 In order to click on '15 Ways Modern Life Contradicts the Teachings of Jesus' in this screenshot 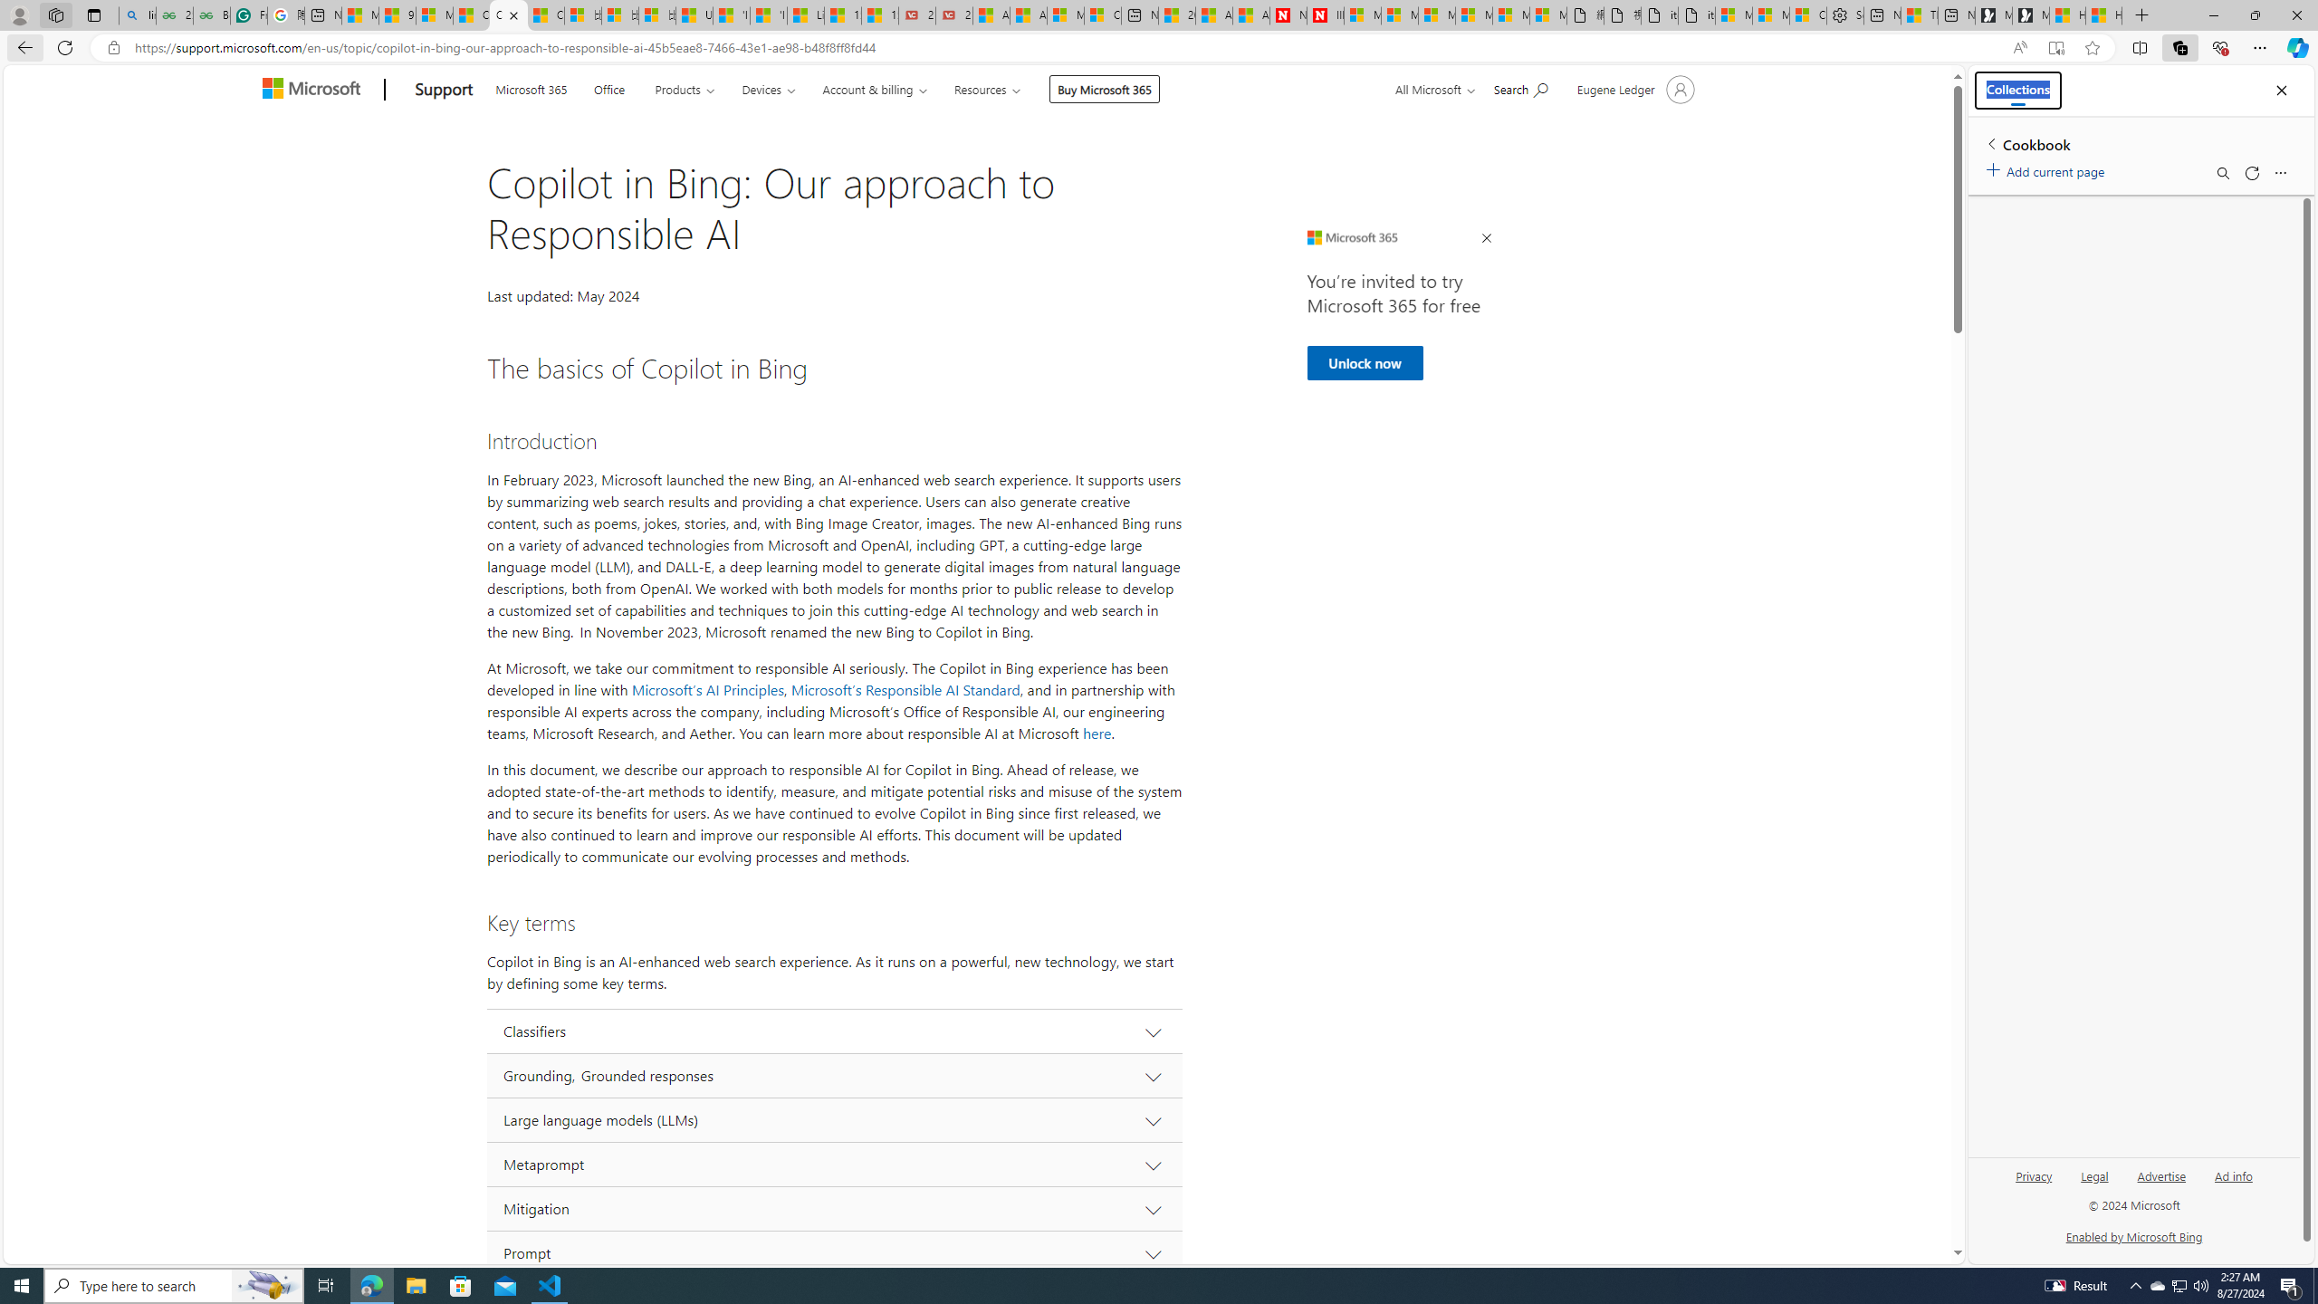, I will do `click(878, 14)`.